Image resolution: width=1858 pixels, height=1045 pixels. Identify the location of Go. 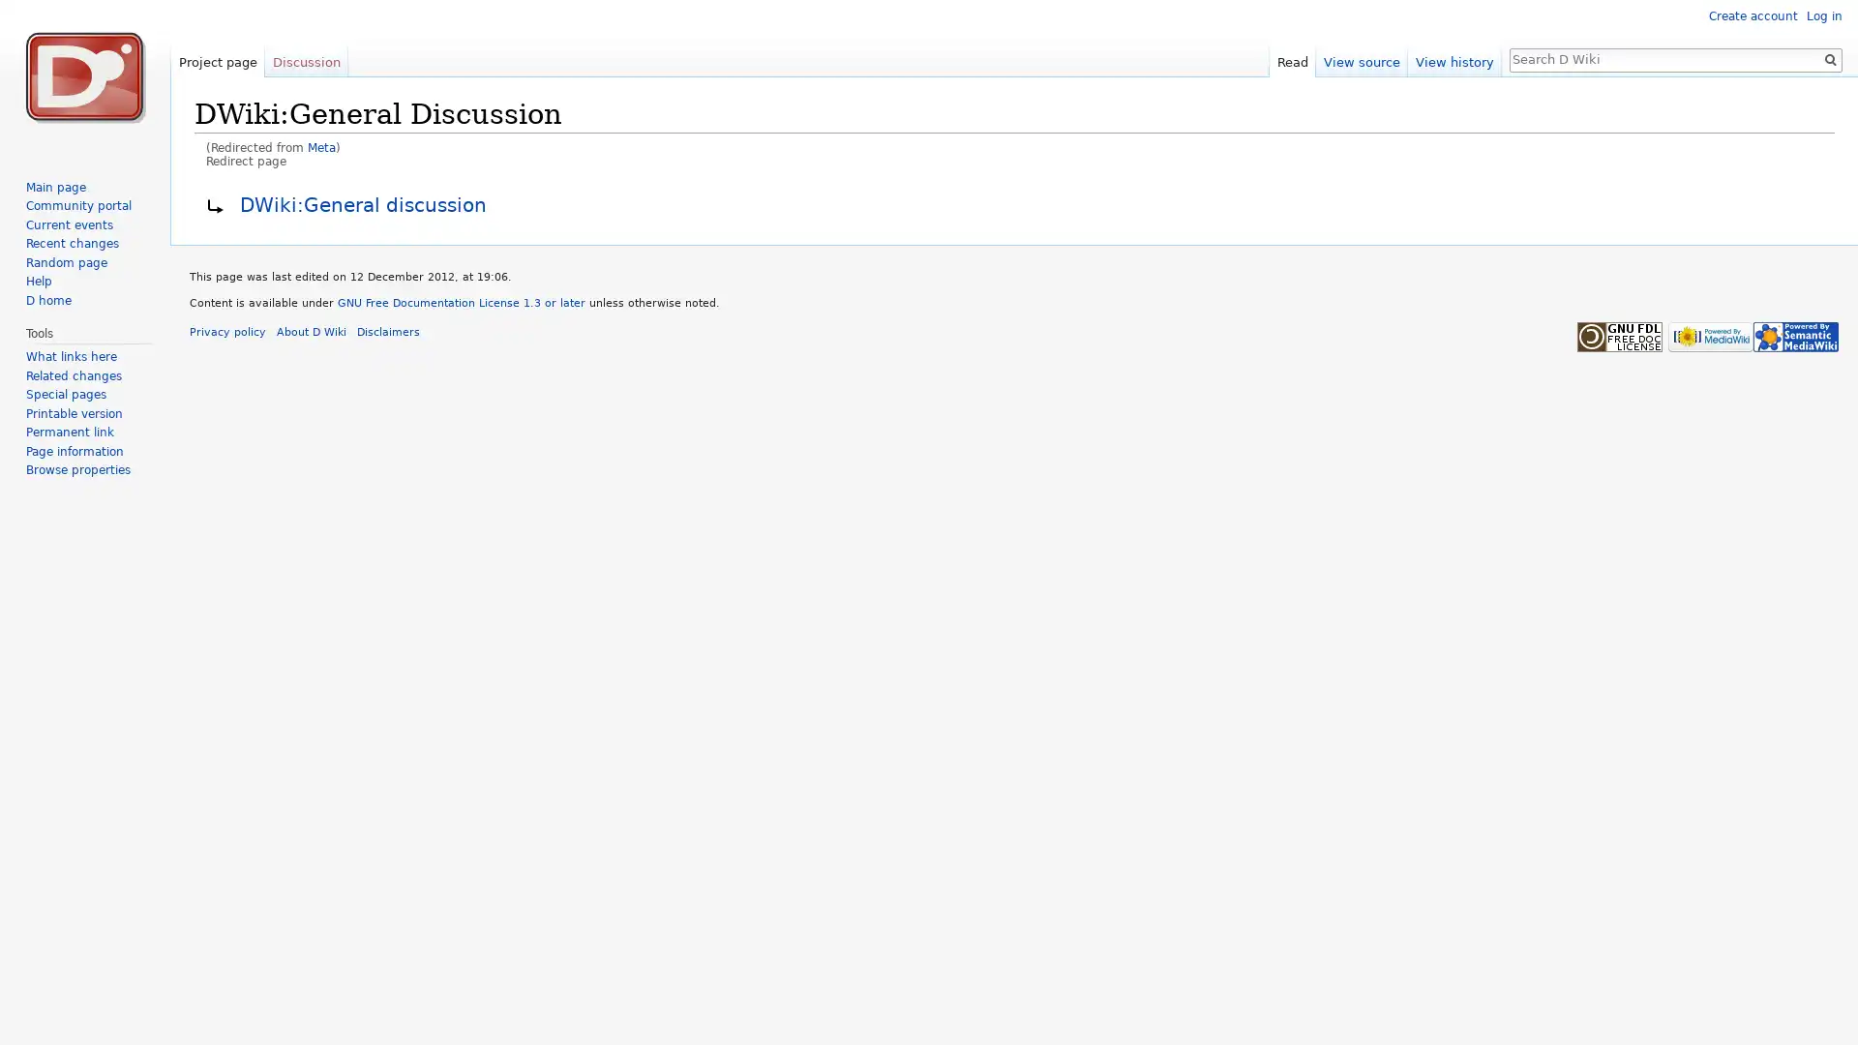
(1829, 58).